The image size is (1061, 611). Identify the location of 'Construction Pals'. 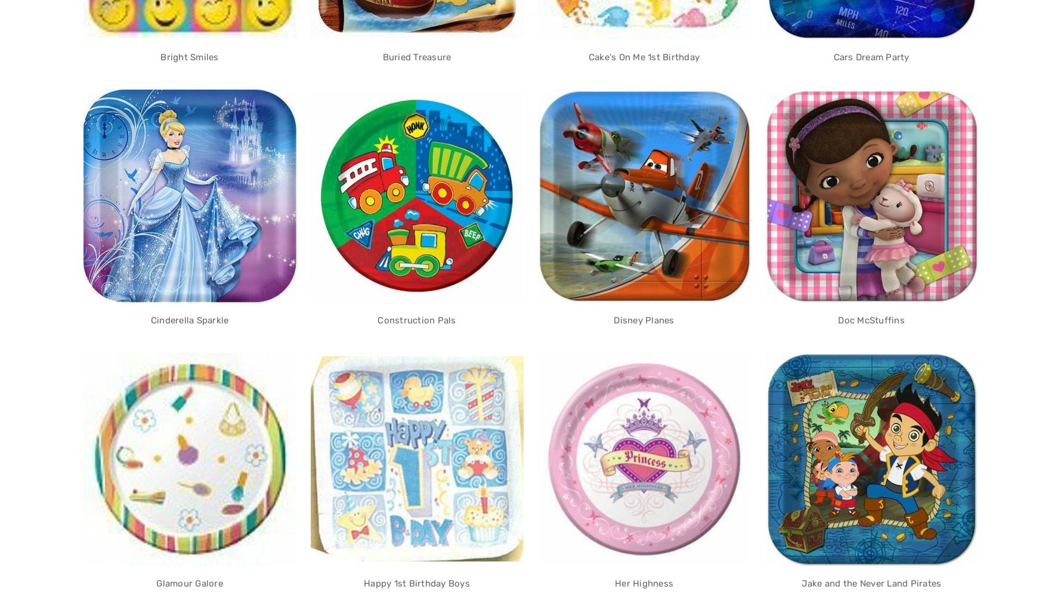
(376, 319).